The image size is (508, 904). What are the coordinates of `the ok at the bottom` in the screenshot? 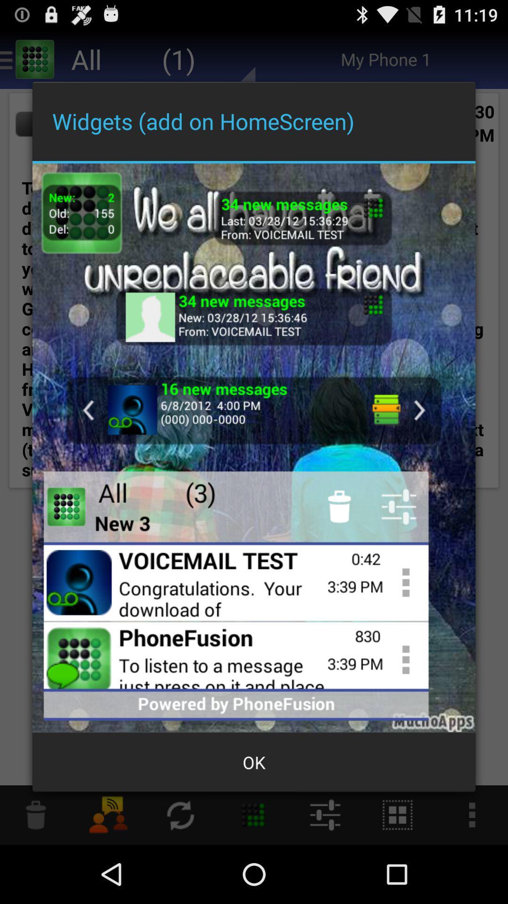 It's located at (254, 762).